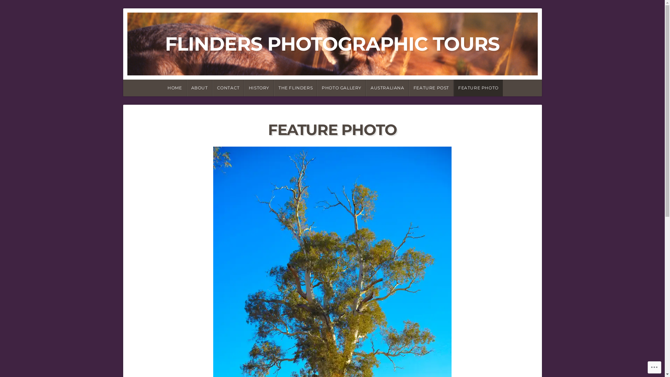 The height and width of the screenshot is (377, 670). What do you see at coordinates (387, 87) in the screenshot?
I see `'AUSTRALIANA'` at bounding box center [387, 87].